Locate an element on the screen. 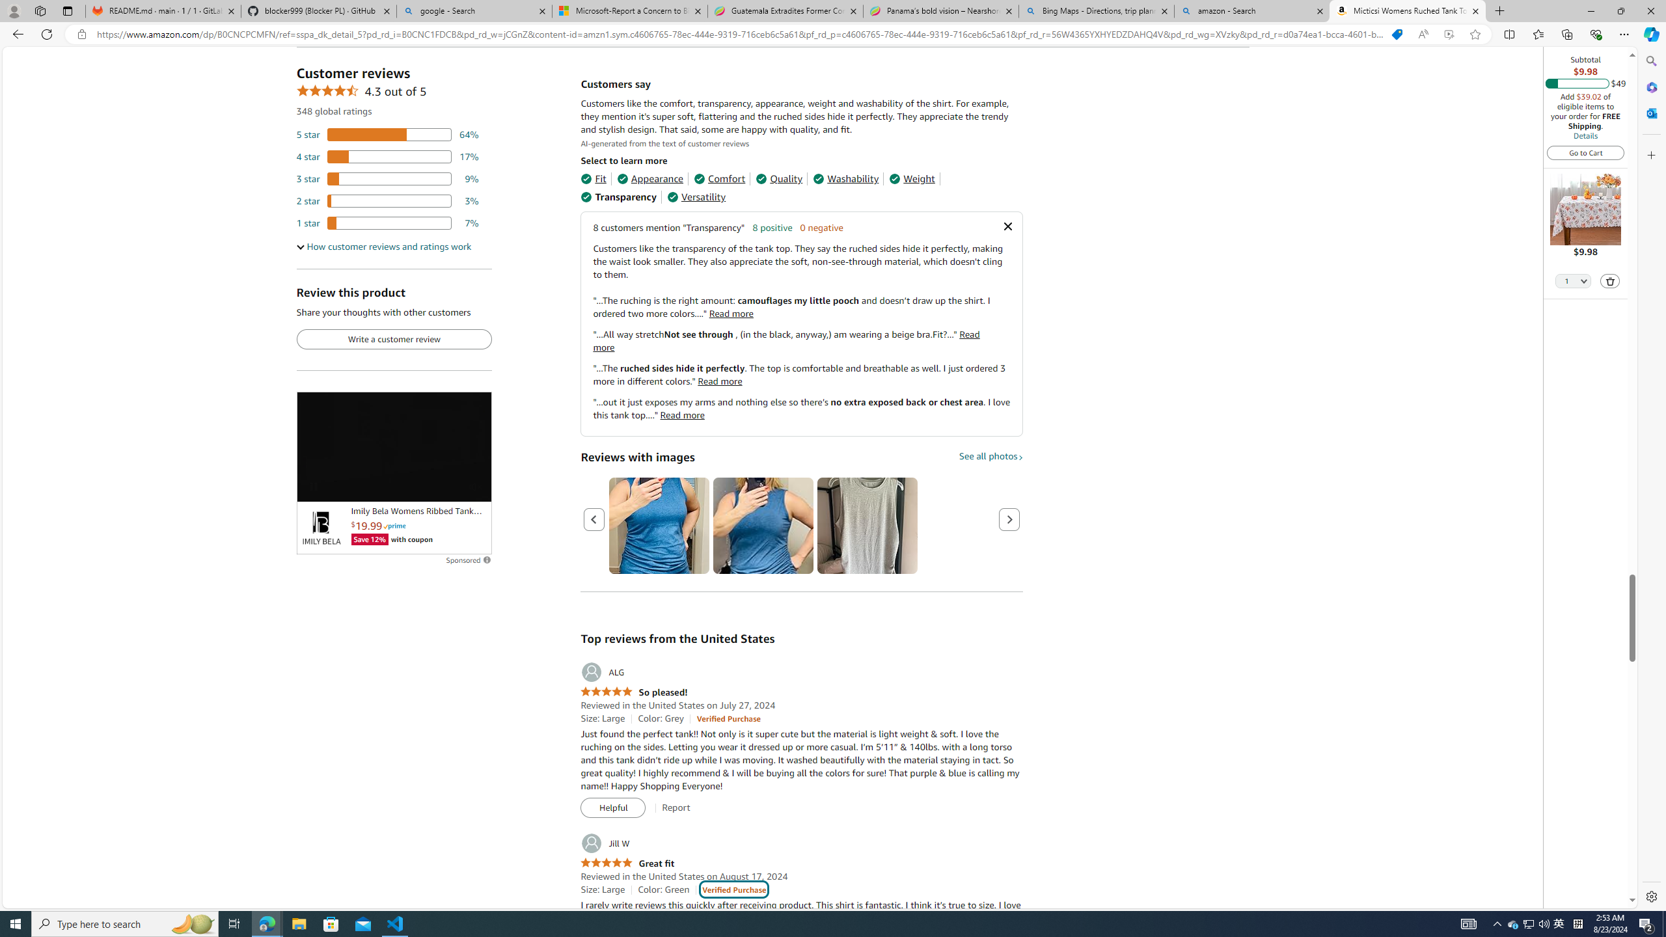 The image size is (1666, 937). '64 percent of reviews have 5 stars' is located at coordinates (387, 134).